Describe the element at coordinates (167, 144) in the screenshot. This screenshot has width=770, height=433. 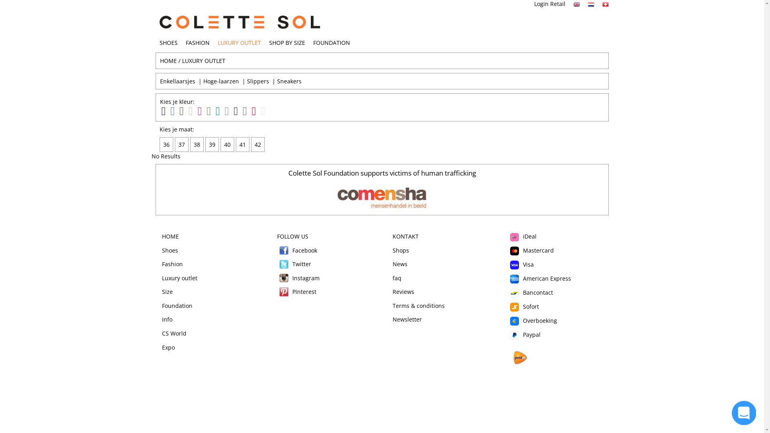
I see `'36 '` at that location.